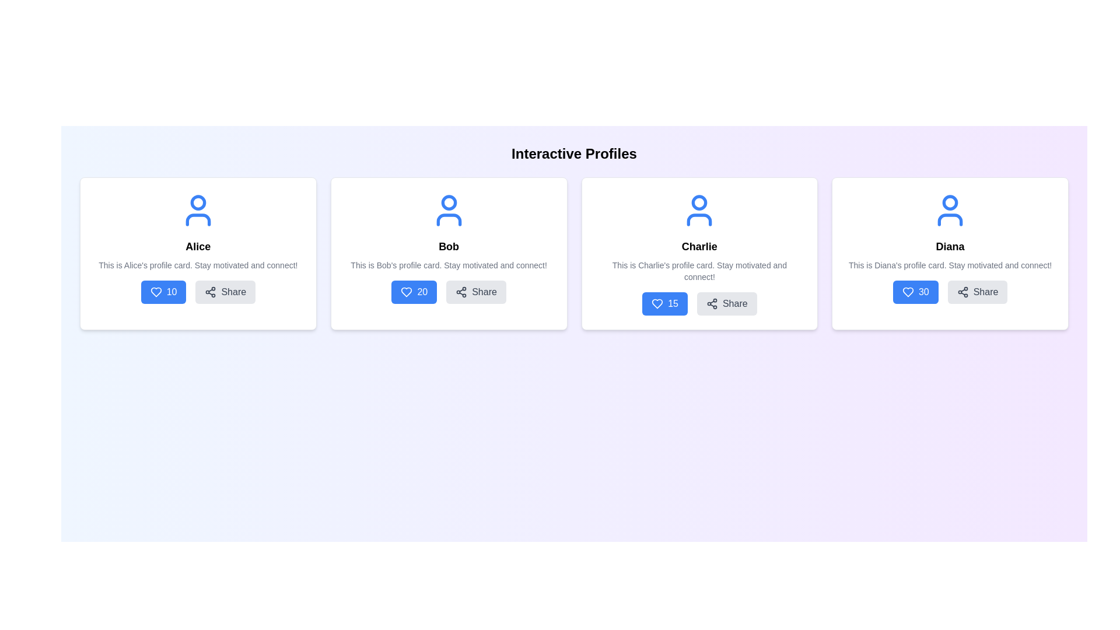  Describe the element at coordinates (233, 292) in the screenshot. I see `the 'Share' text label on the light gray button located in the bottom row of Alice's profile card` at that location.